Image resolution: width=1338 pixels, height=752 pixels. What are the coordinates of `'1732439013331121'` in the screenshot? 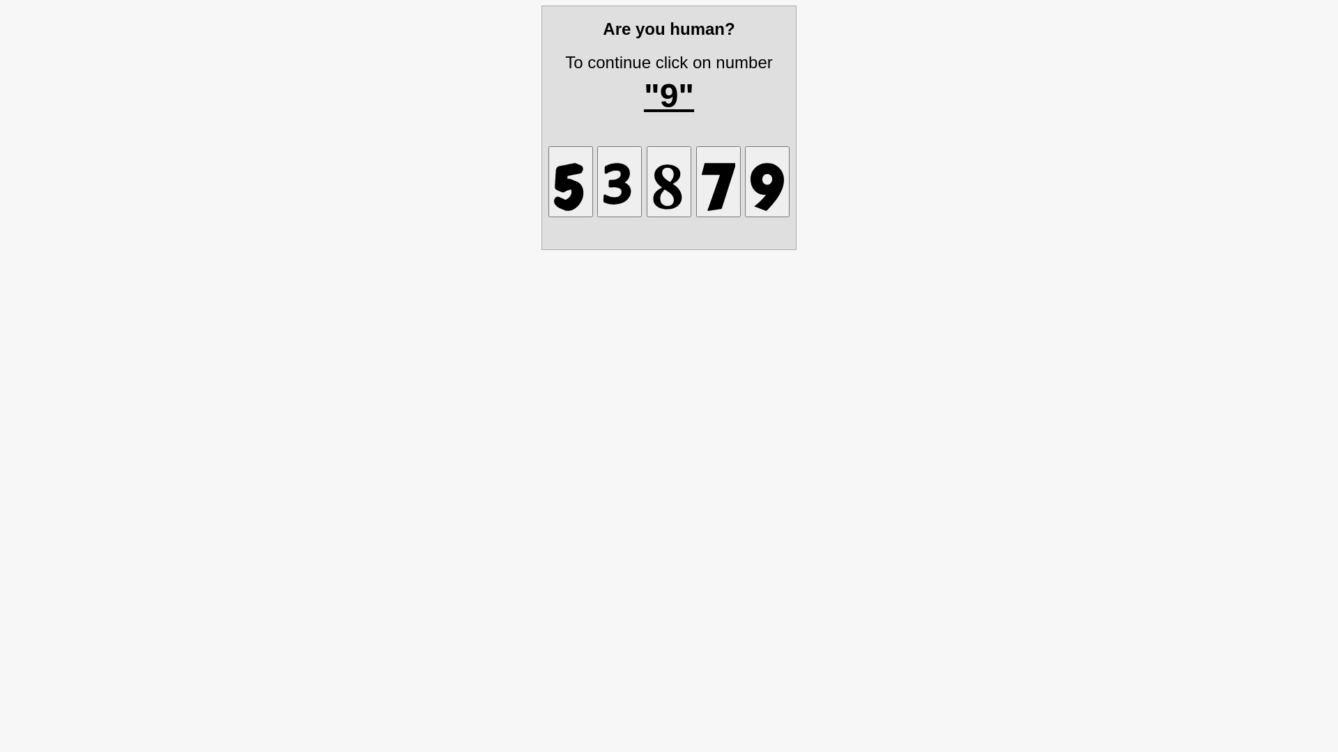 It's located at (618, 181).